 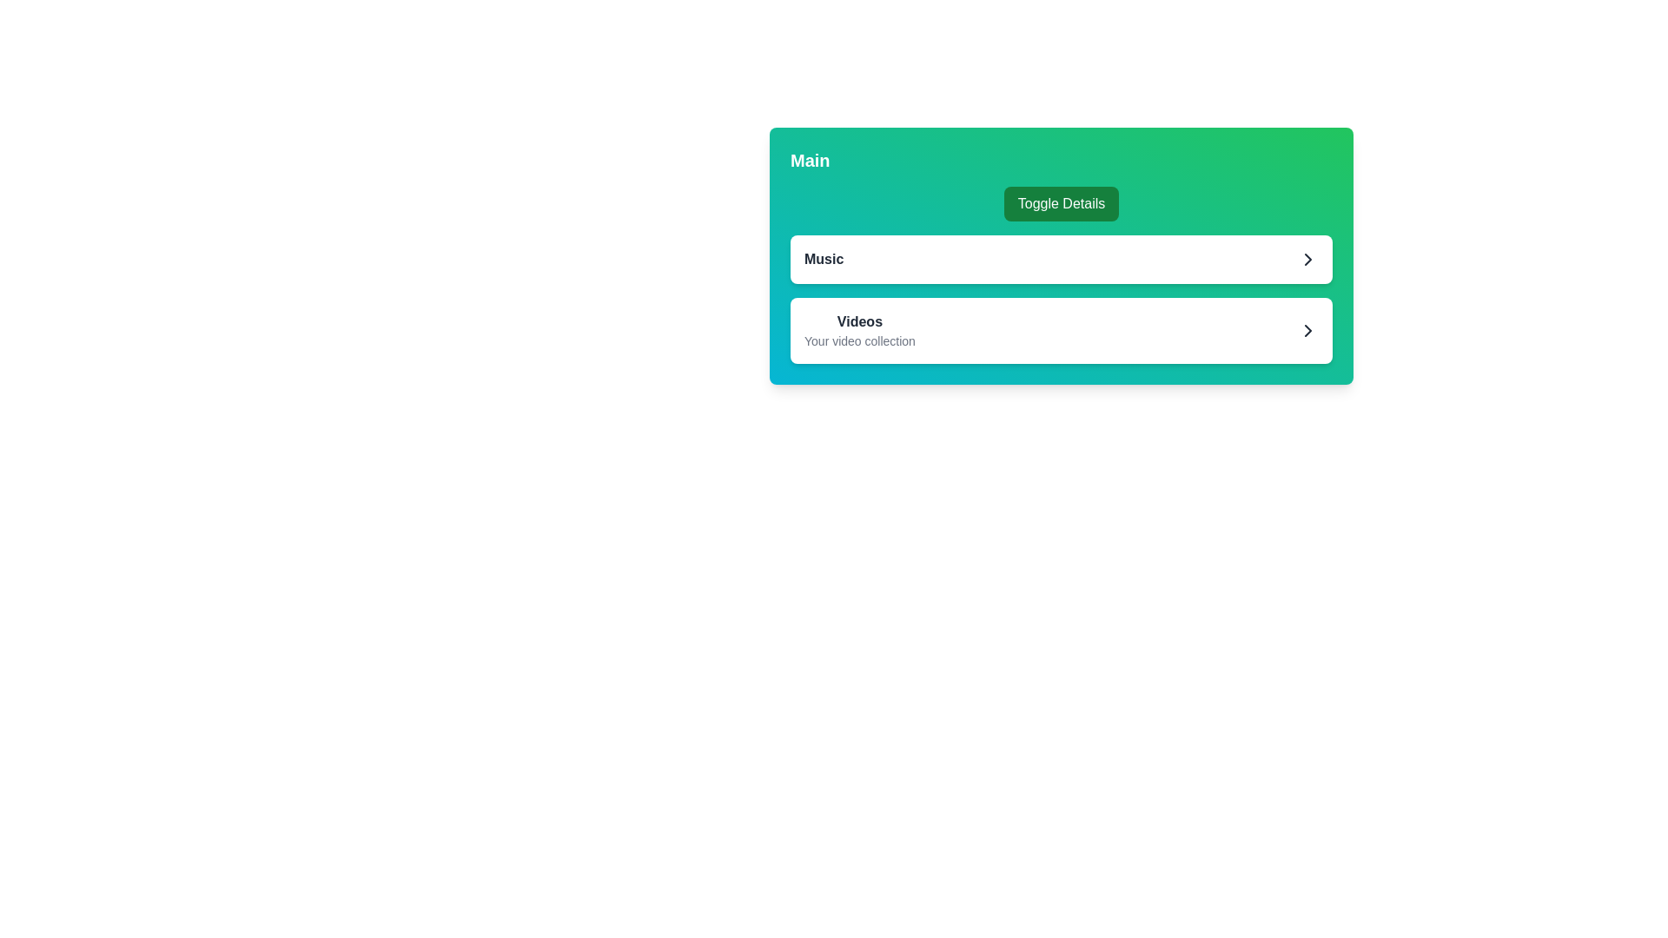 What do you see at coordinates (1061, 203) in the screenshot?
I see `the button located towards the top of the greenish gradient box` at bounding box center [1061, 203].